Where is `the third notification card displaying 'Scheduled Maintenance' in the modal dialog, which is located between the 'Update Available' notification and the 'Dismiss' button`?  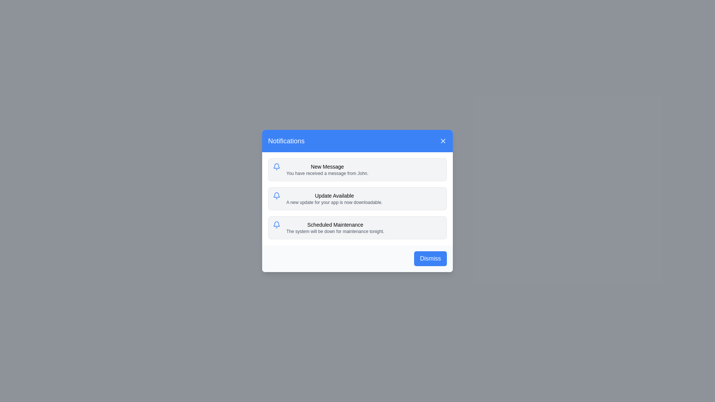 the third notification card displaying 'Scheduled Maintenance' in the modal dialog, which is located between the 'Update Available' notification and the 'Dismiss' button is located at coordinates (335, 227).